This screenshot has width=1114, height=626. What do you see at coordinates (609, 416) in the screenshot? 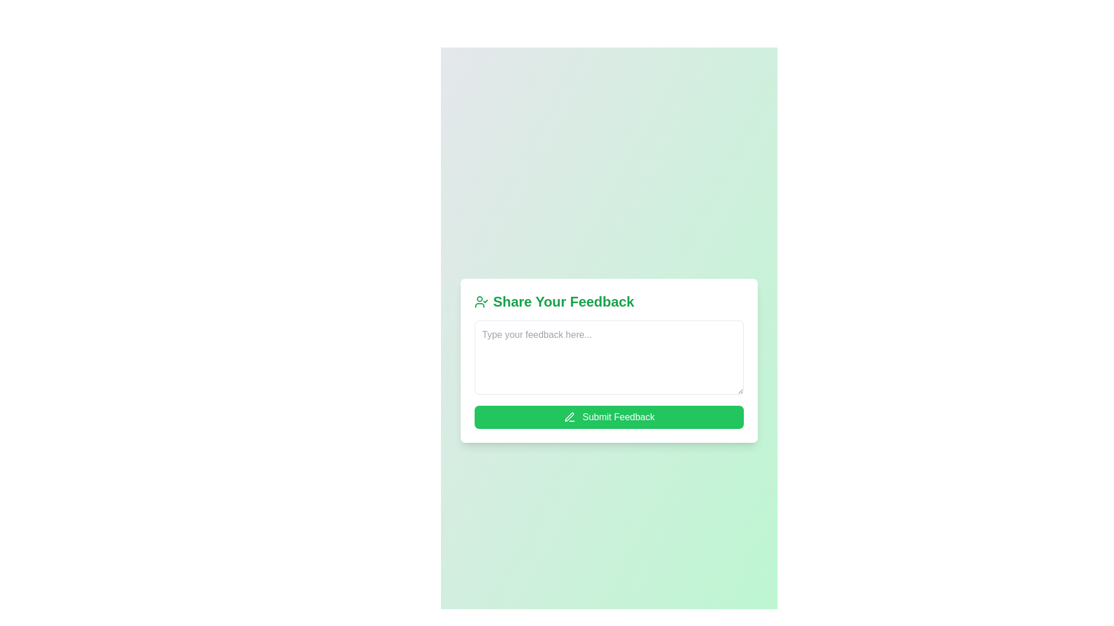
I see `the 'Submit Feedback' button, which has a green background and white text` at bounding box center [609, 416].